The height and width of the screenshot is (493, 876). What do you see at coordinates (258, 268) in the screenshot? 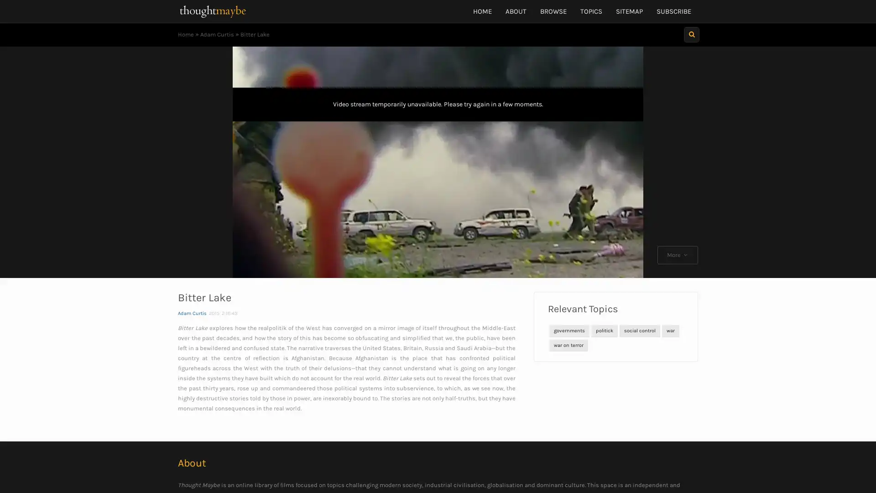
I see `Skip back 10 seconds` at bounding box center [258, 268].